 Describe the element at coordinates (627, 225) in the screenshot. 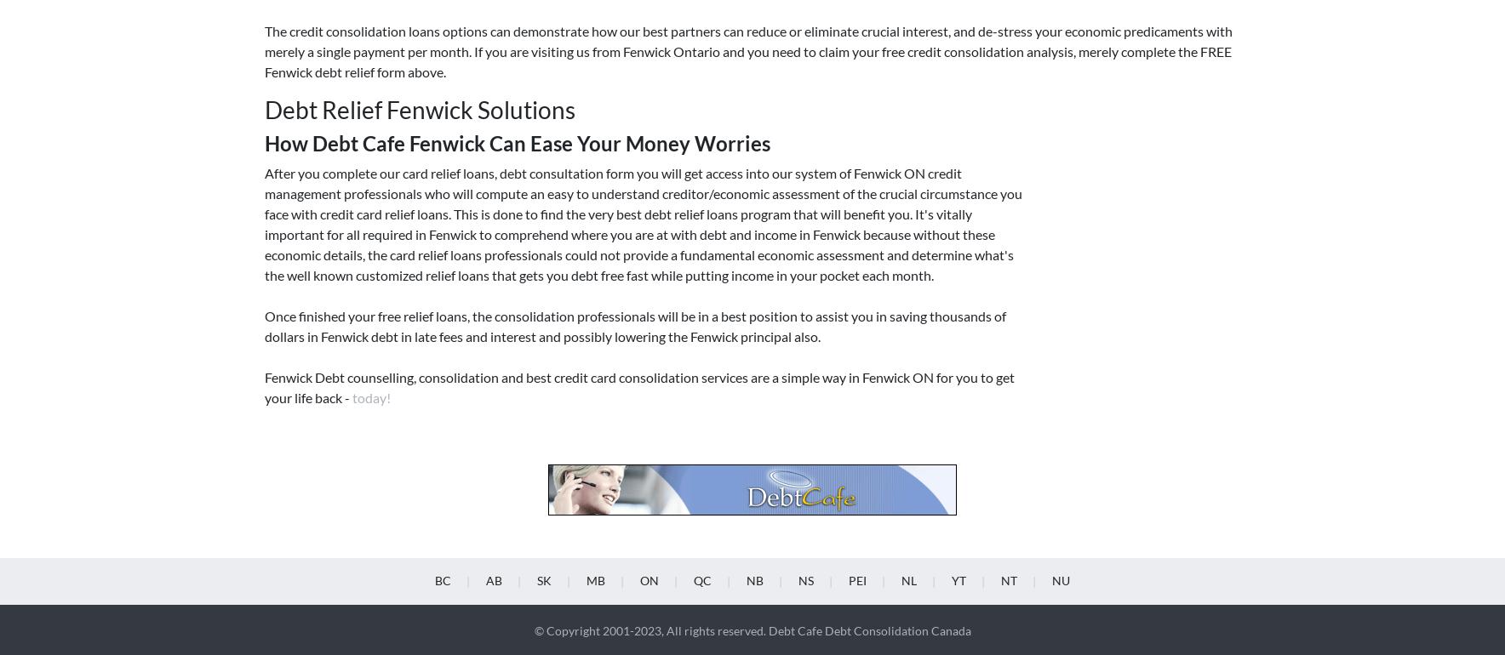

I see `'Ottawa'` at that location.